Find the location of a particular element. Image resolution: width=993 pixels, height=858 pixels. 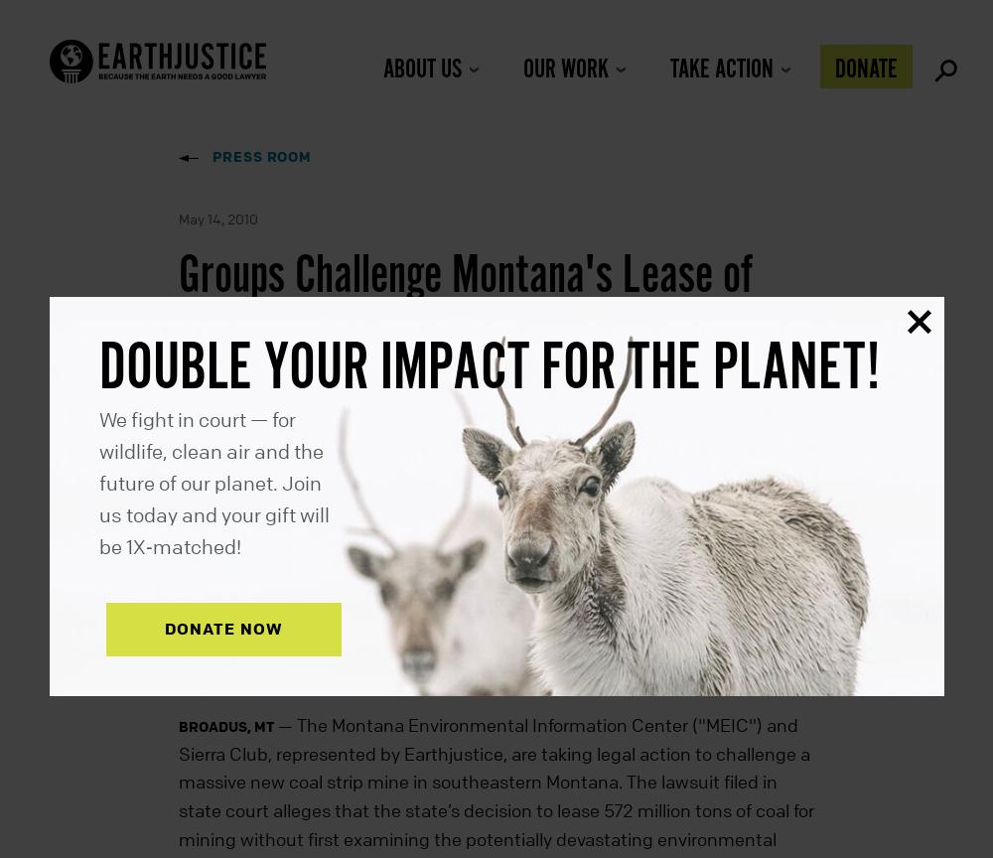

'About Us' is located at coordinates (421, 70).